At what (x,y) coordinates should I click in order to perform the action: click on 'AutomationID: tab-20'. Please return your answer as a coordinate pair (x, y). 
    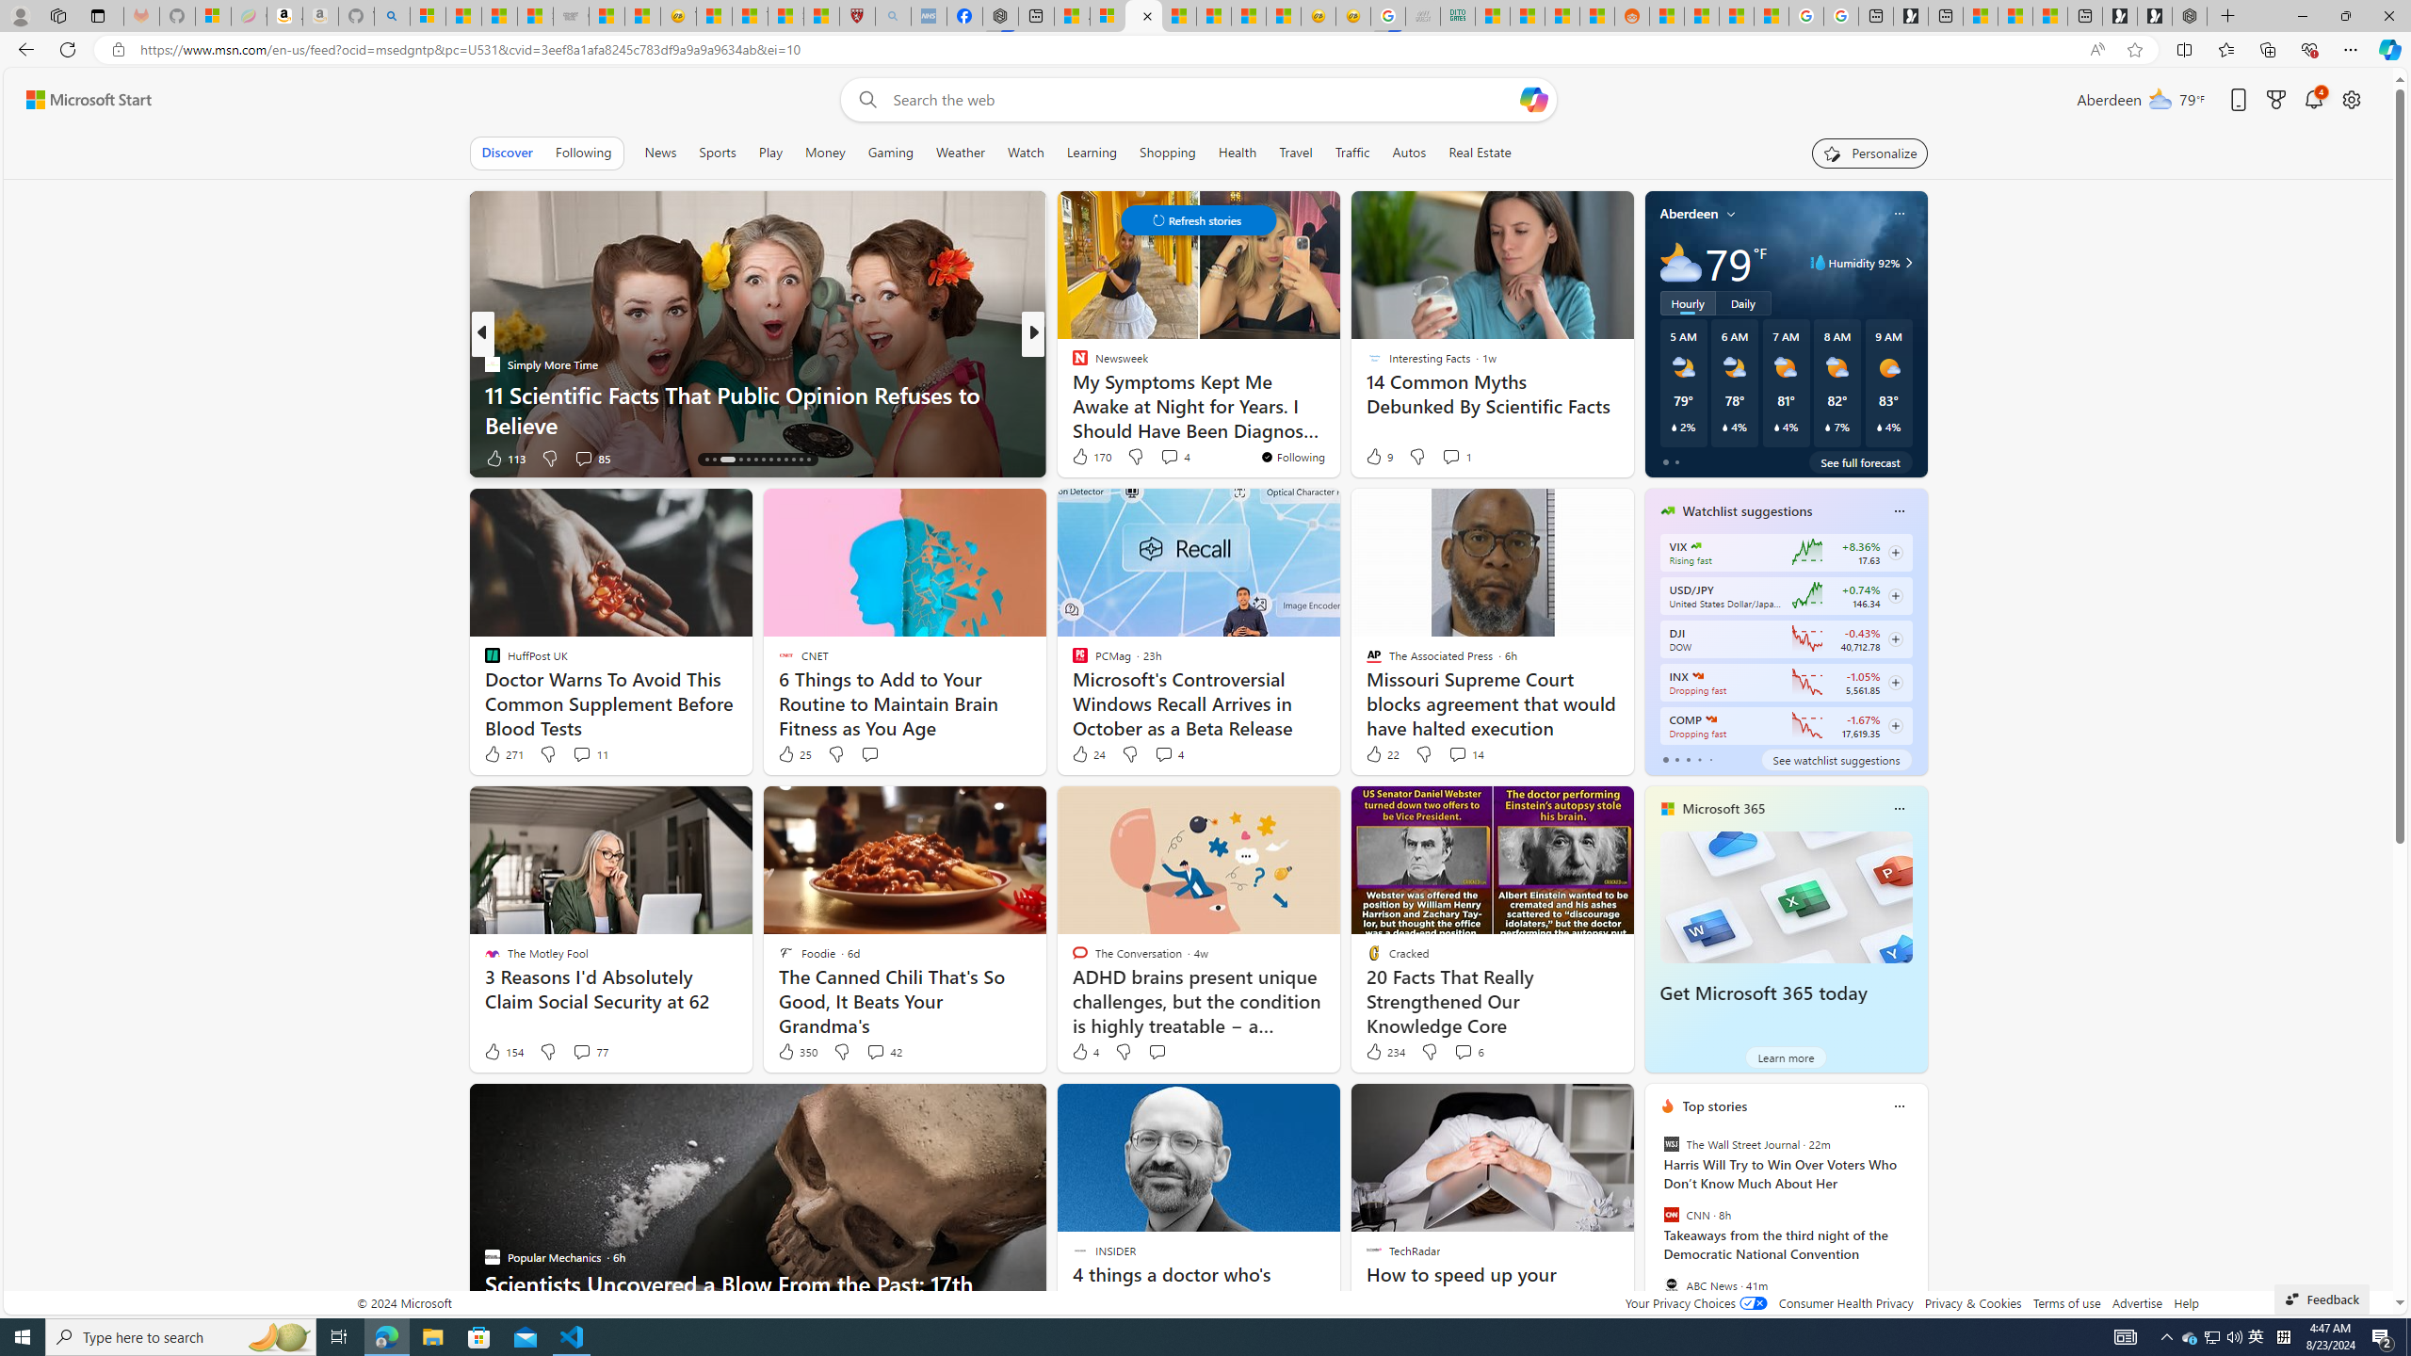
    Looking at the image, I should click on (763, 459).